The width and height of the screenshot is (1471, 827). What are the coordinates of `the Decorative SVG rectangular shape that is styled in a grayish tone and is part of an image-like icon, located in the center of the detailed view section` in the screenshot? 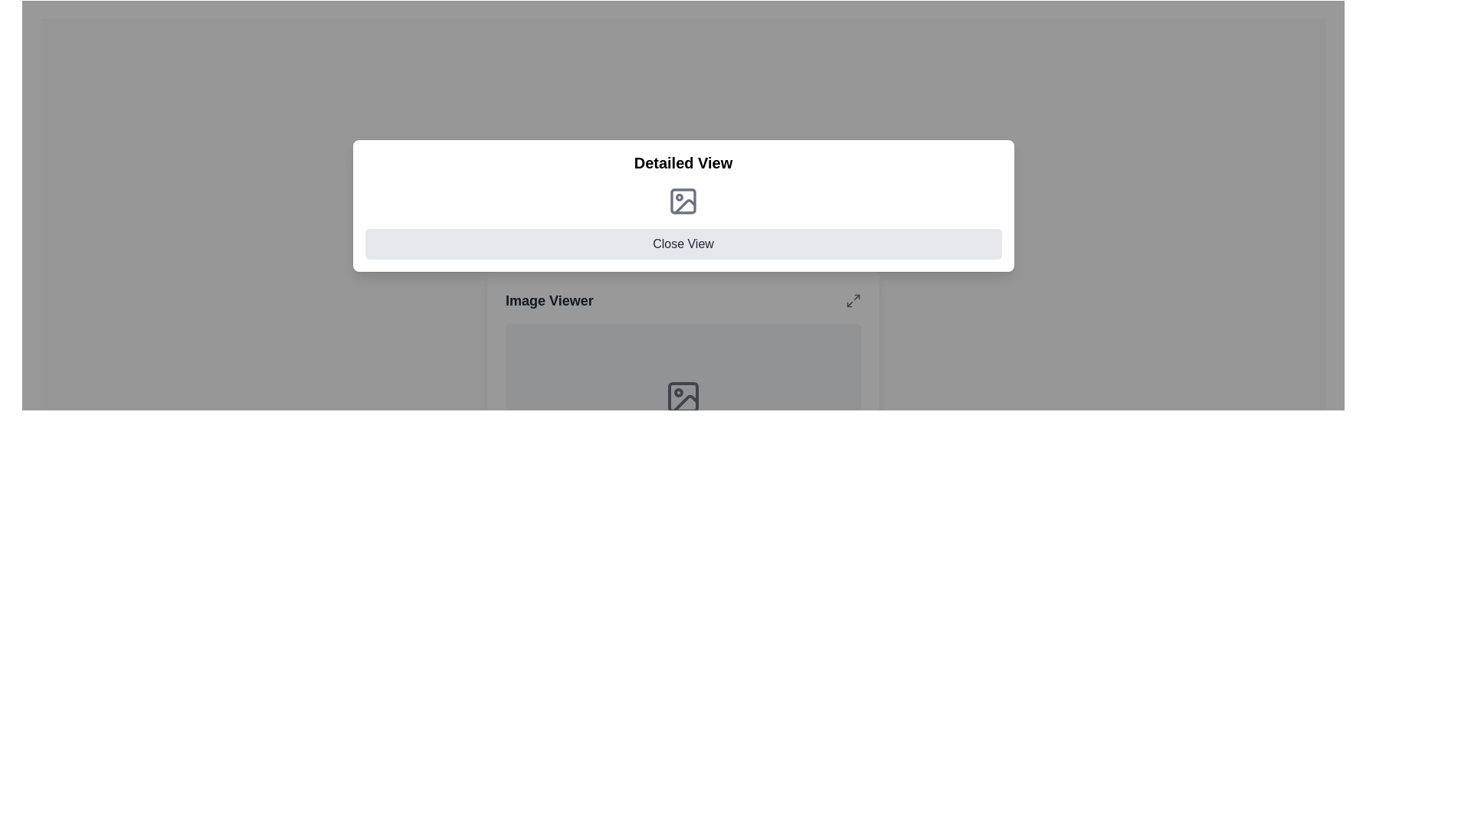 It's located at (683, 397).